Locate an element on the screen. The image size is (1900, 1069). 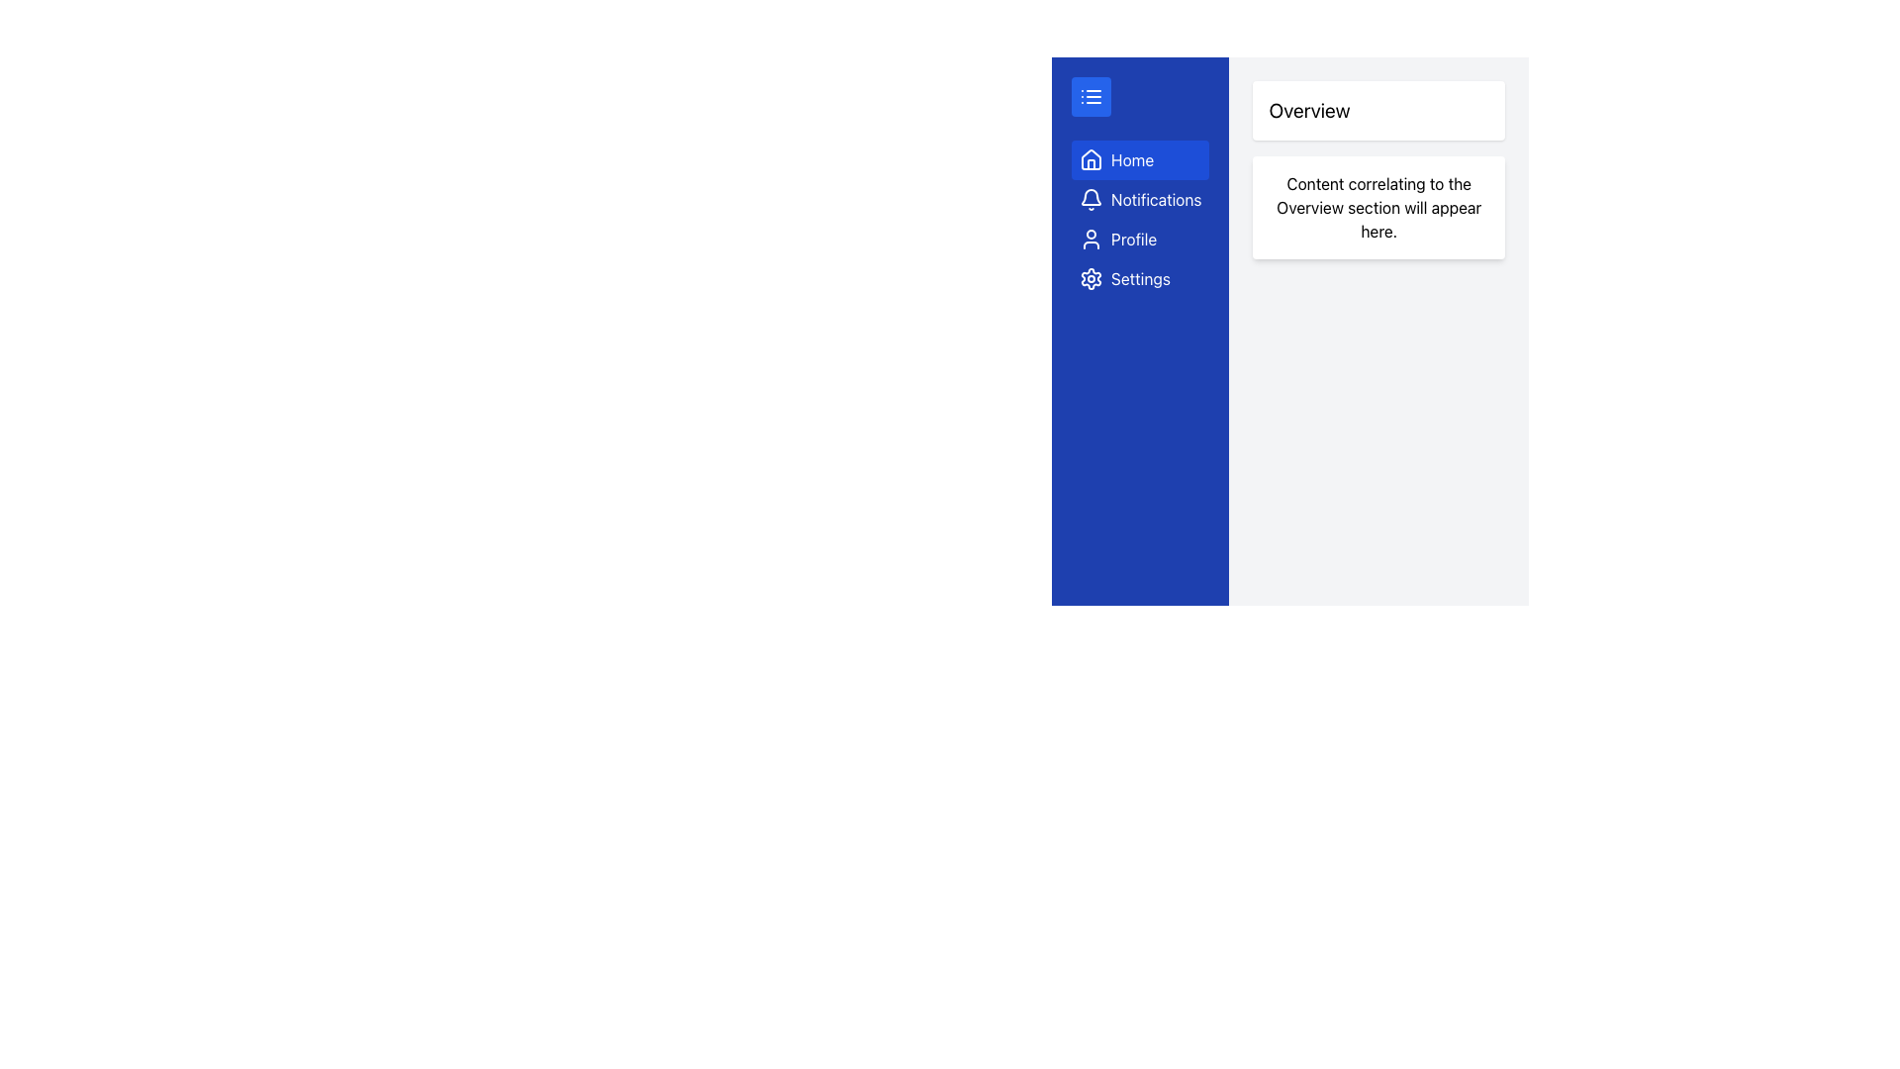
the user icon, which is a circular head and shoulders stylized in an outline style, rendered in white on a blue background, located inside the 'Profile' navigation item in the sidebar menu is located at coordinates (1091, 239).